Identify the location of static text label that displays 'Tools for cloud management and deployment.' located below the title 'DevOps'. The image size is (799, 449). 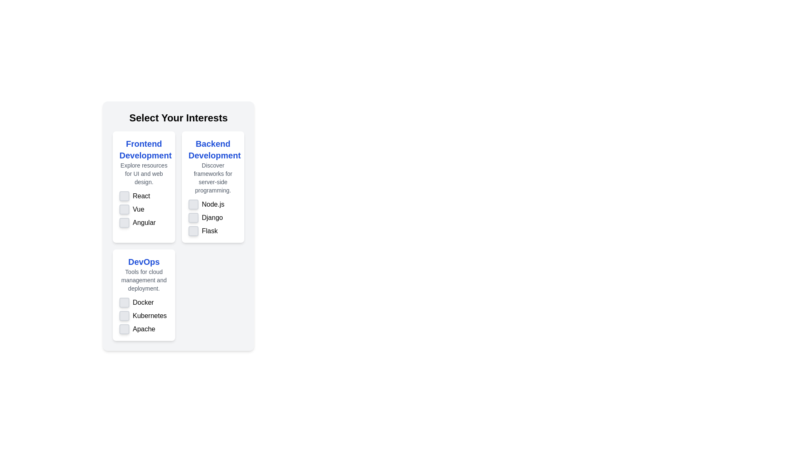
(144, 280).